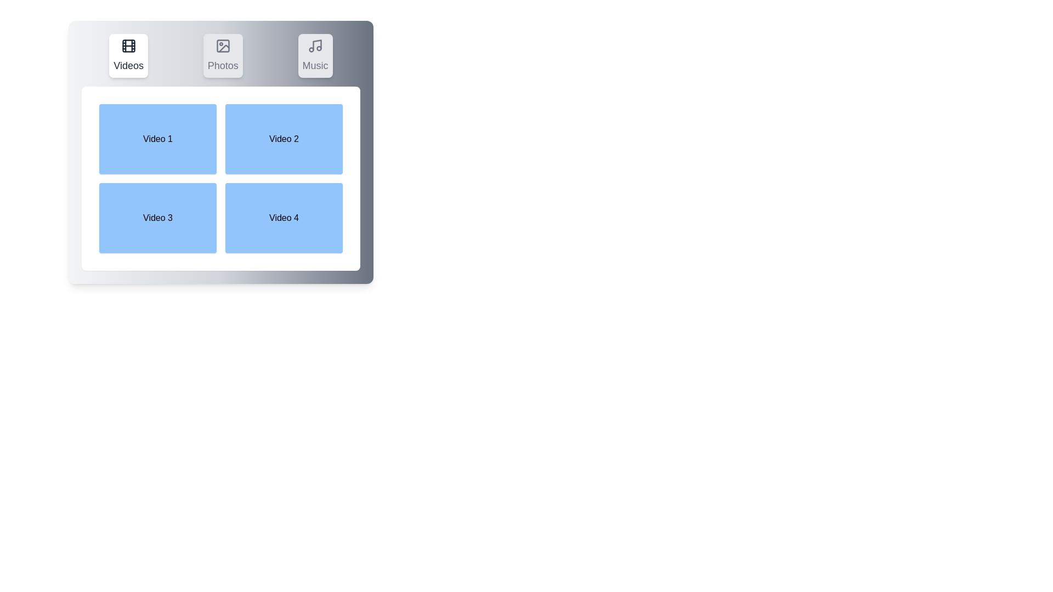 This screenshot has height=592, width=1053. What do you see at coordinates (157, 139) in the screenshot?
I see `the Video 1 Box to observe the hover effect` at bounding box center [157, 139].